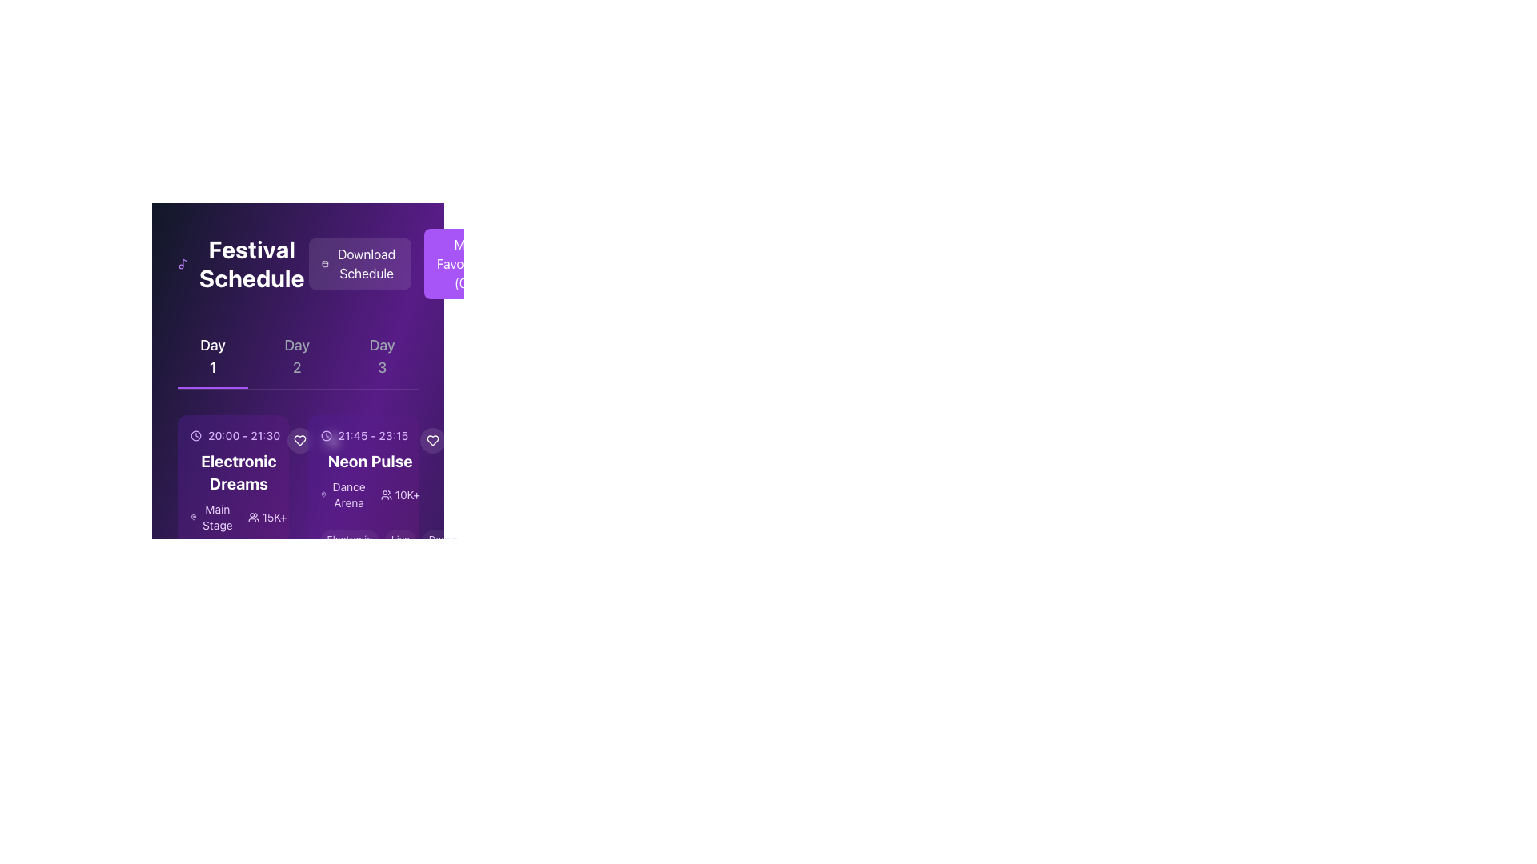 The image size is (1537, 864). I want to click on the clock icon, which is outlined in a circular shape and located to the left of the time range '21:45 - 23:15' below the event name 'Neon Pulse', so click(325, 435).